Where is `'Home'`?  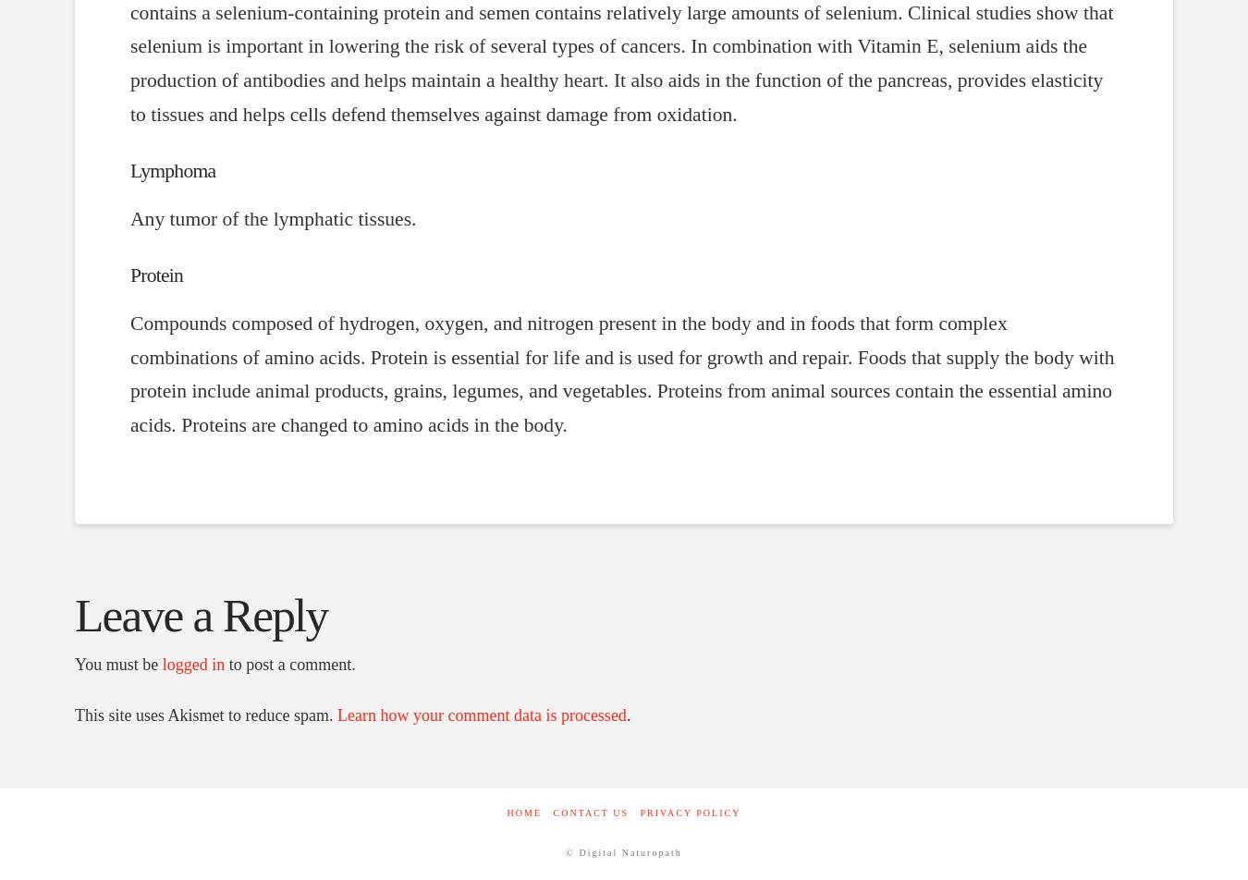
'Home' is located at coordinates (524, 812).